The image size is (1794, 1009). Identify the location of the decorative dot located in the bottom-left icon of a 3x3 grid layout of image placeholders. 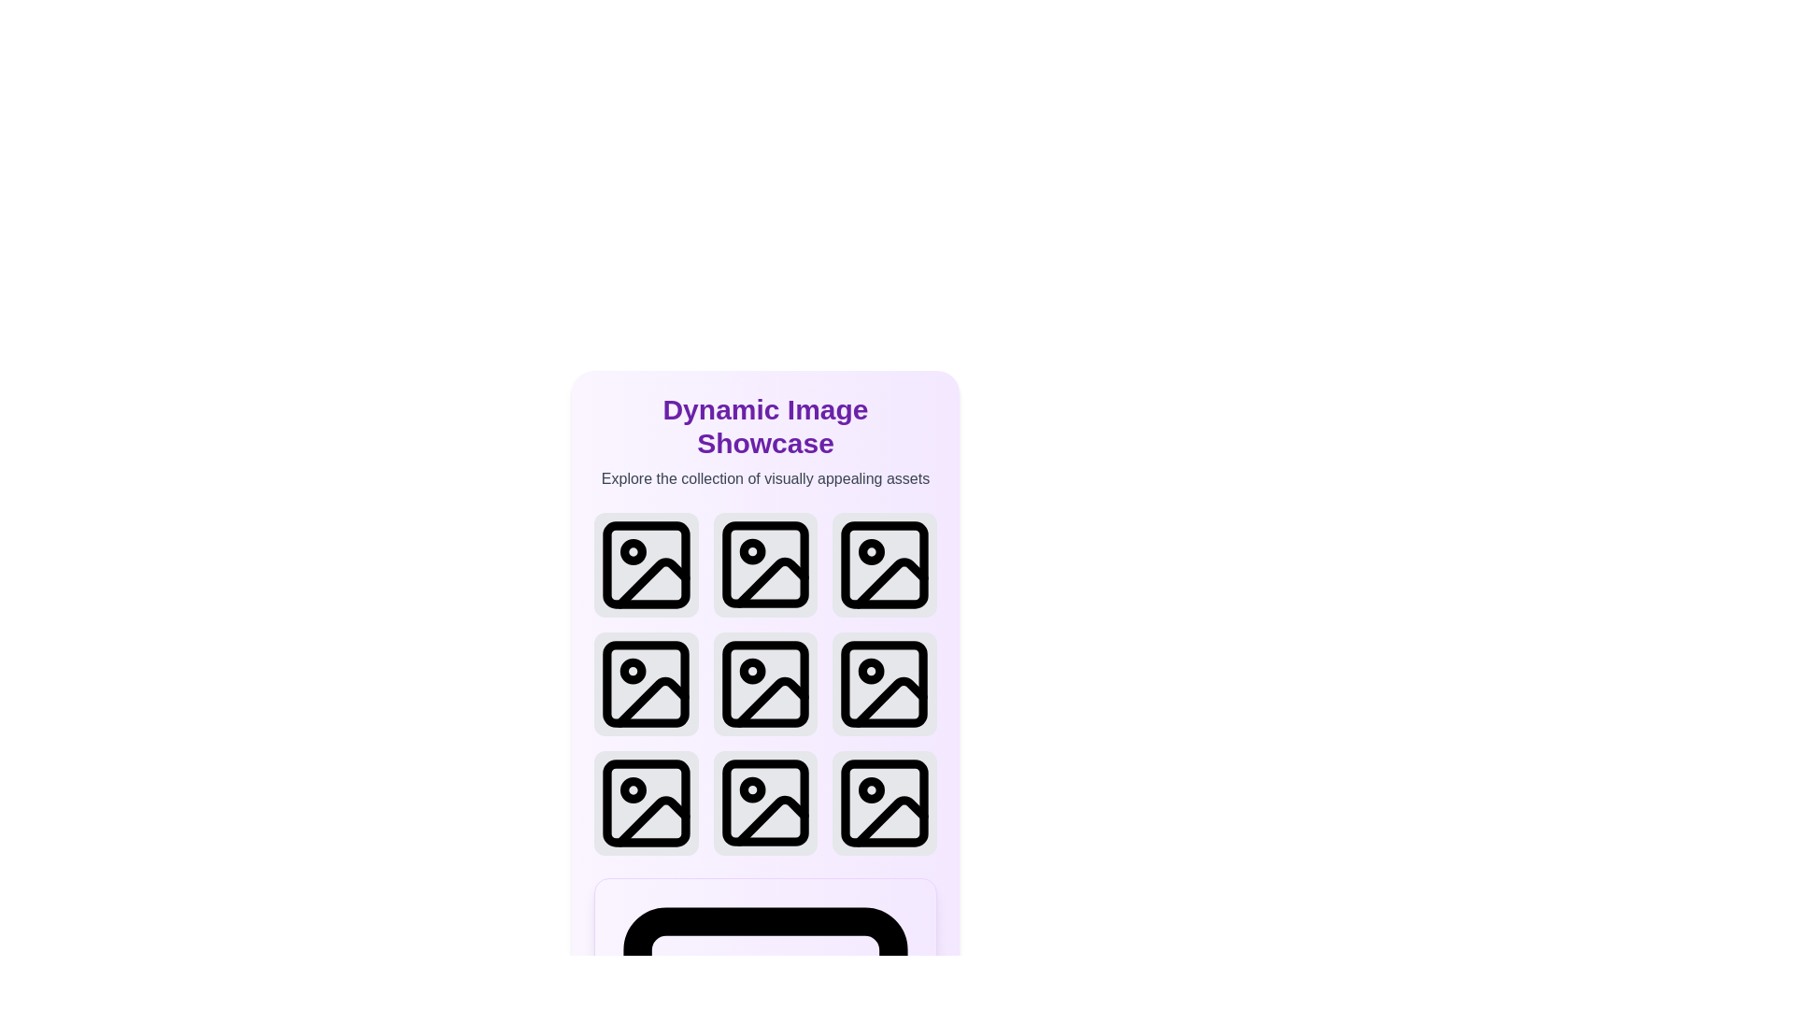
(633, 790).